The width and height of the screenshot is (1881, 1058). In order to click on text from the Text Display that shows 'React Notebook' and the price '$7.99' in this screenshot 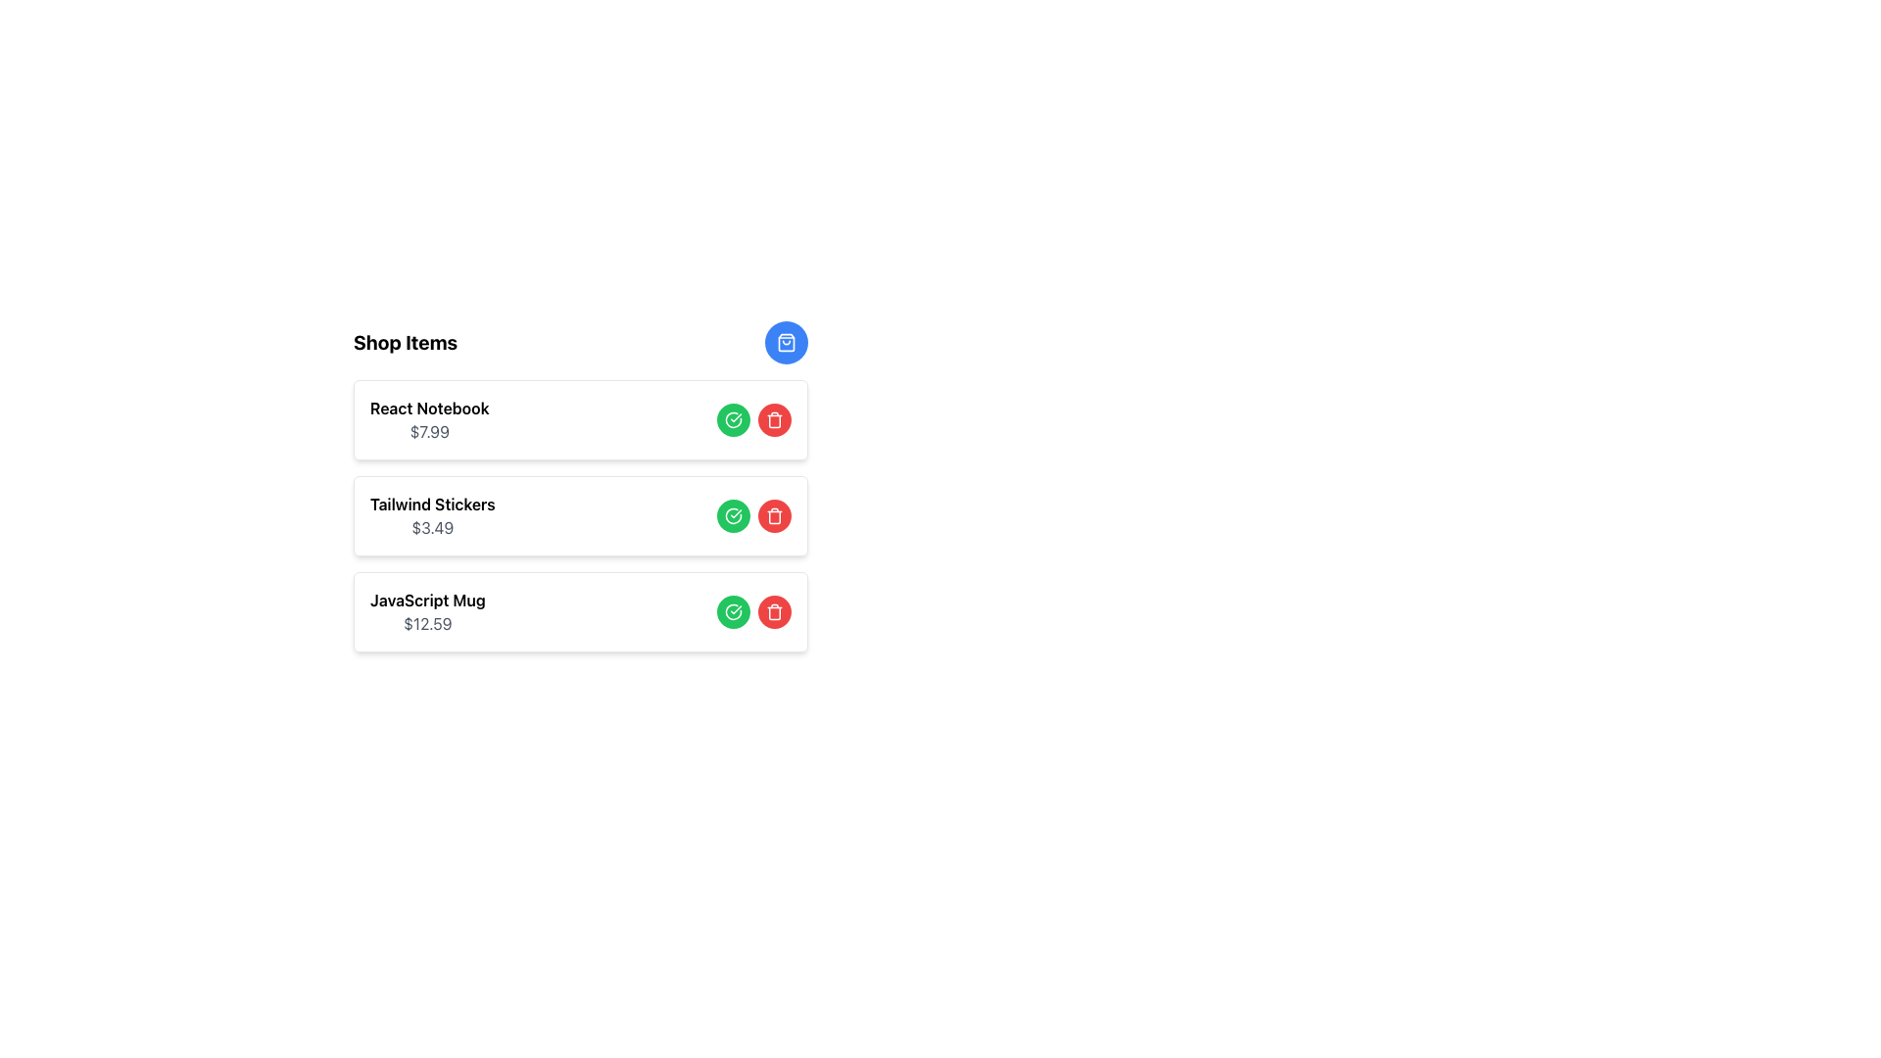, I will do `click(428, 418)`.